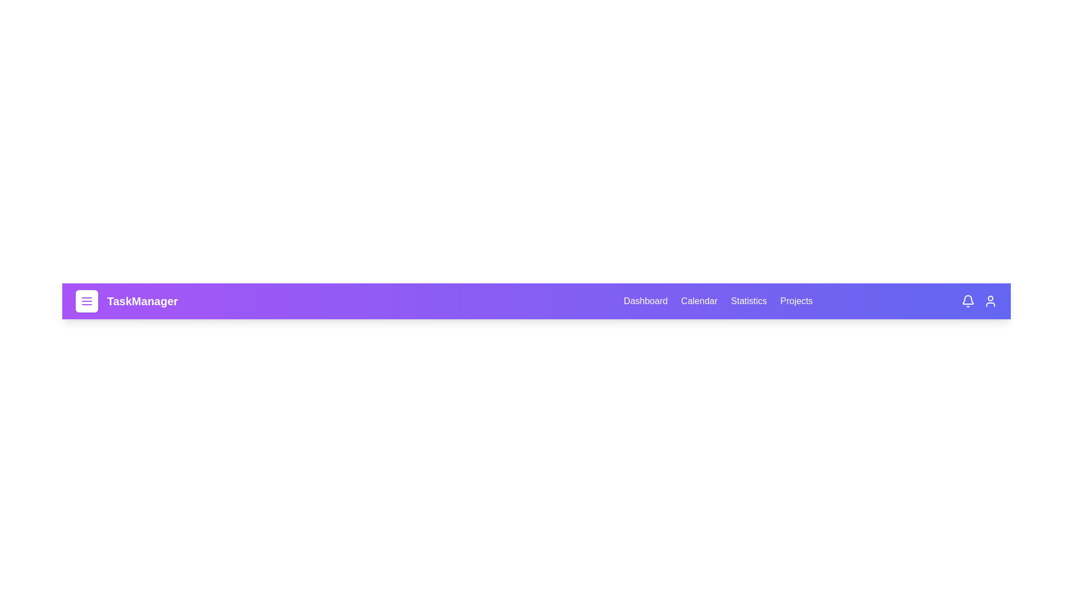 Image resolution: width=1077 pixels, height=606 pixels. What do you see at coordinates (748, 300) in the screenshot?
I see `the Statistics tab to navigate to the respective section` at bounding box center [748, 300].